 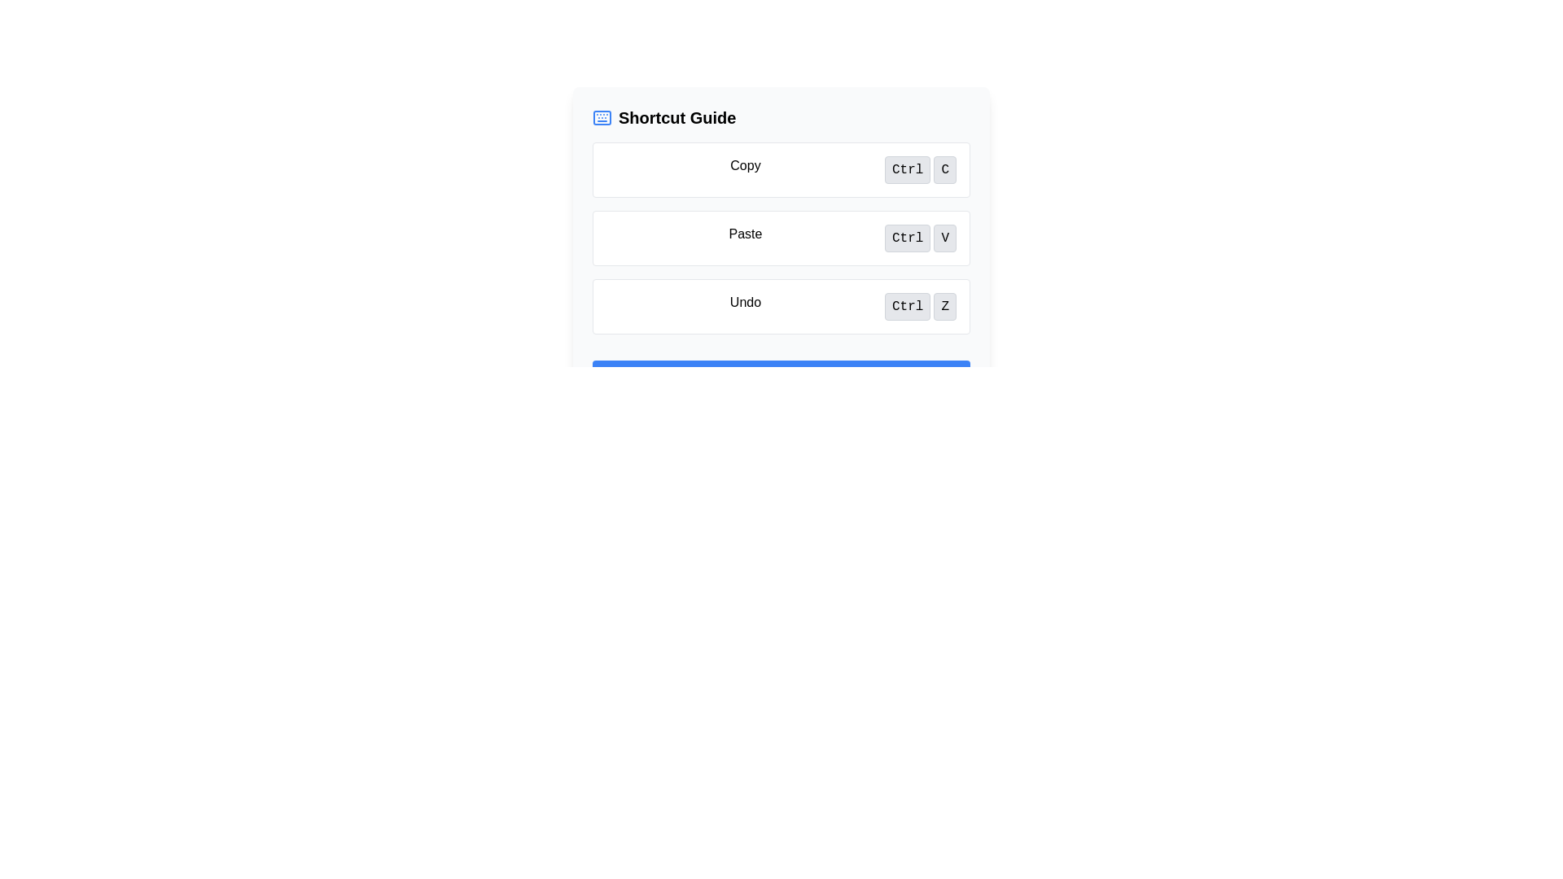 I want to click on the text label styled as a button representing the 'C' key in the keyboard shortcut guide, which indicates its use in combination with the 'Ctrl' key for the 'Copy' action, so click(x=945, y=169).